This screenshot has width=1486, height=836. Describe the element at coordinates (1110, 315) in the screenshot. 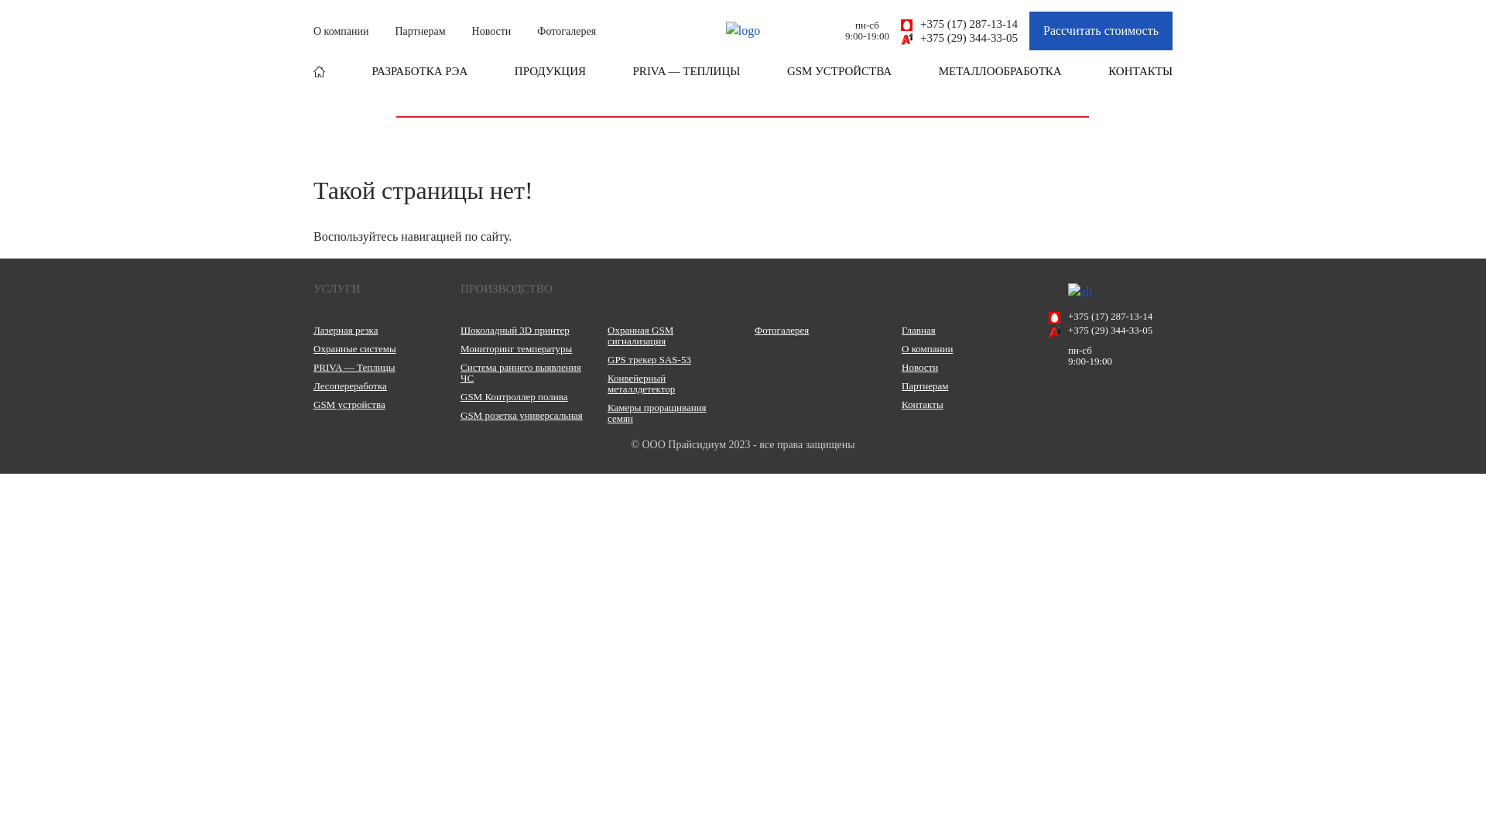

I see `'+375 (17) 287-13-14'` at that location.